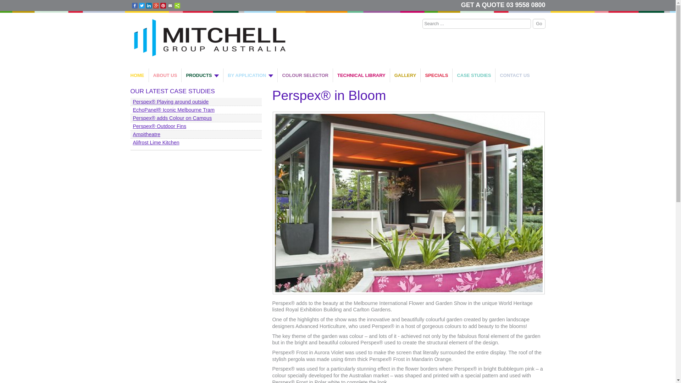  Describe the element at coordinates (436, 75) in the screenshot. I see `'SPECIALS'` at that location.